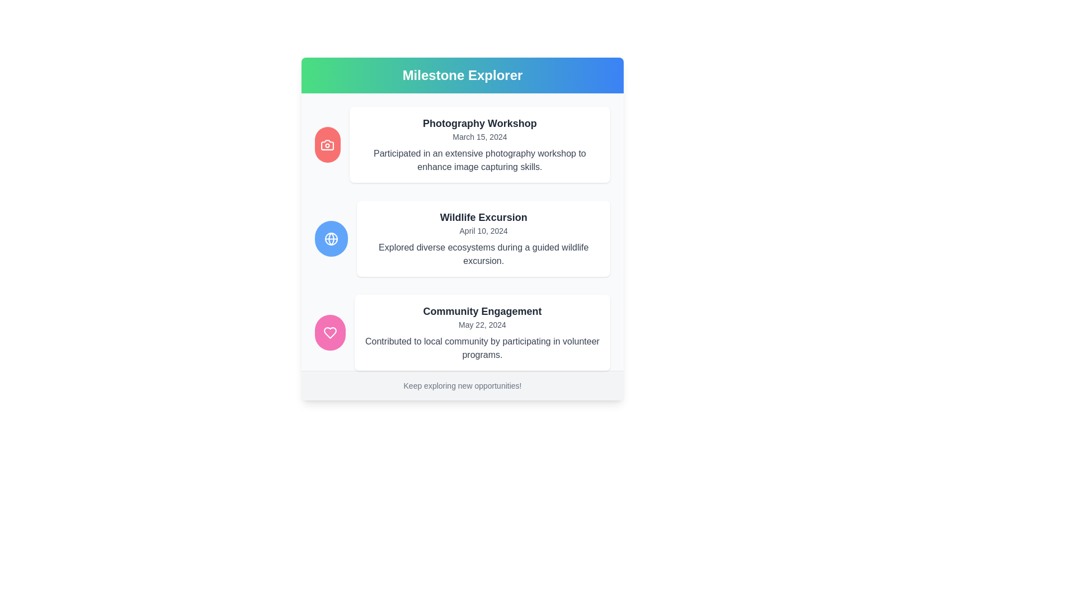  I want to click on the text label that reads 'Keep exploring new opportunities!' located at the bottom of the main information card, so click(462, 385).